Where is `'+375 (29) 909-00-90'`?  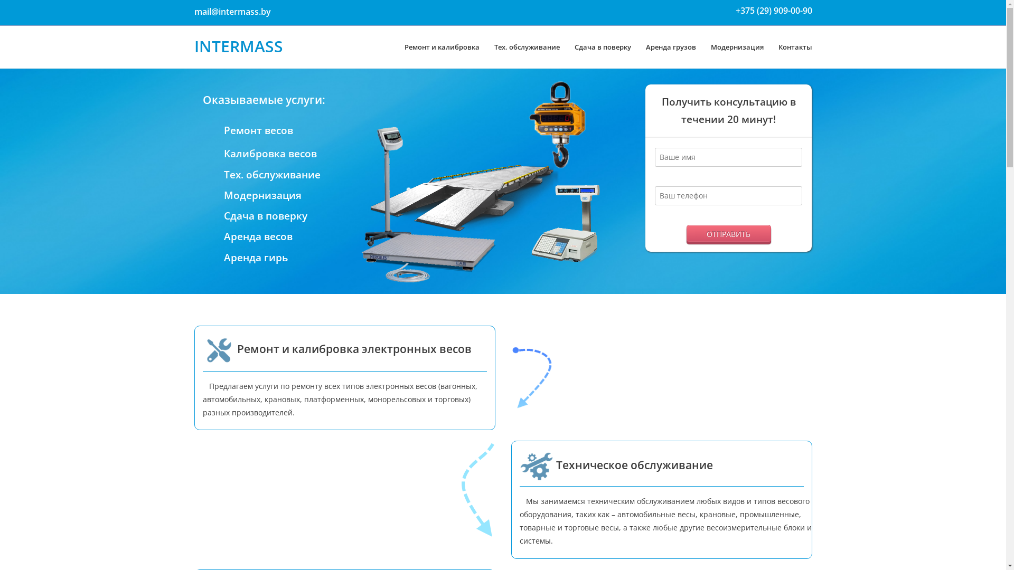 '+375 (29) 909-00-90' is located at coordinates (773, 10).